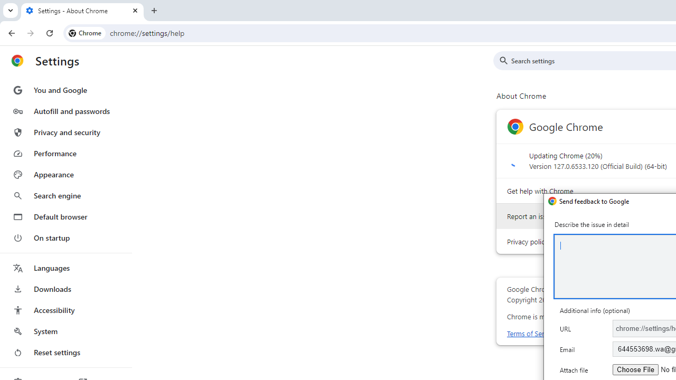 Image resolution: width=676 pixels, height=380 pixels. Describe the element at coordinates (65, 216) in the screenshot. I see `'Default browser'` at that location.